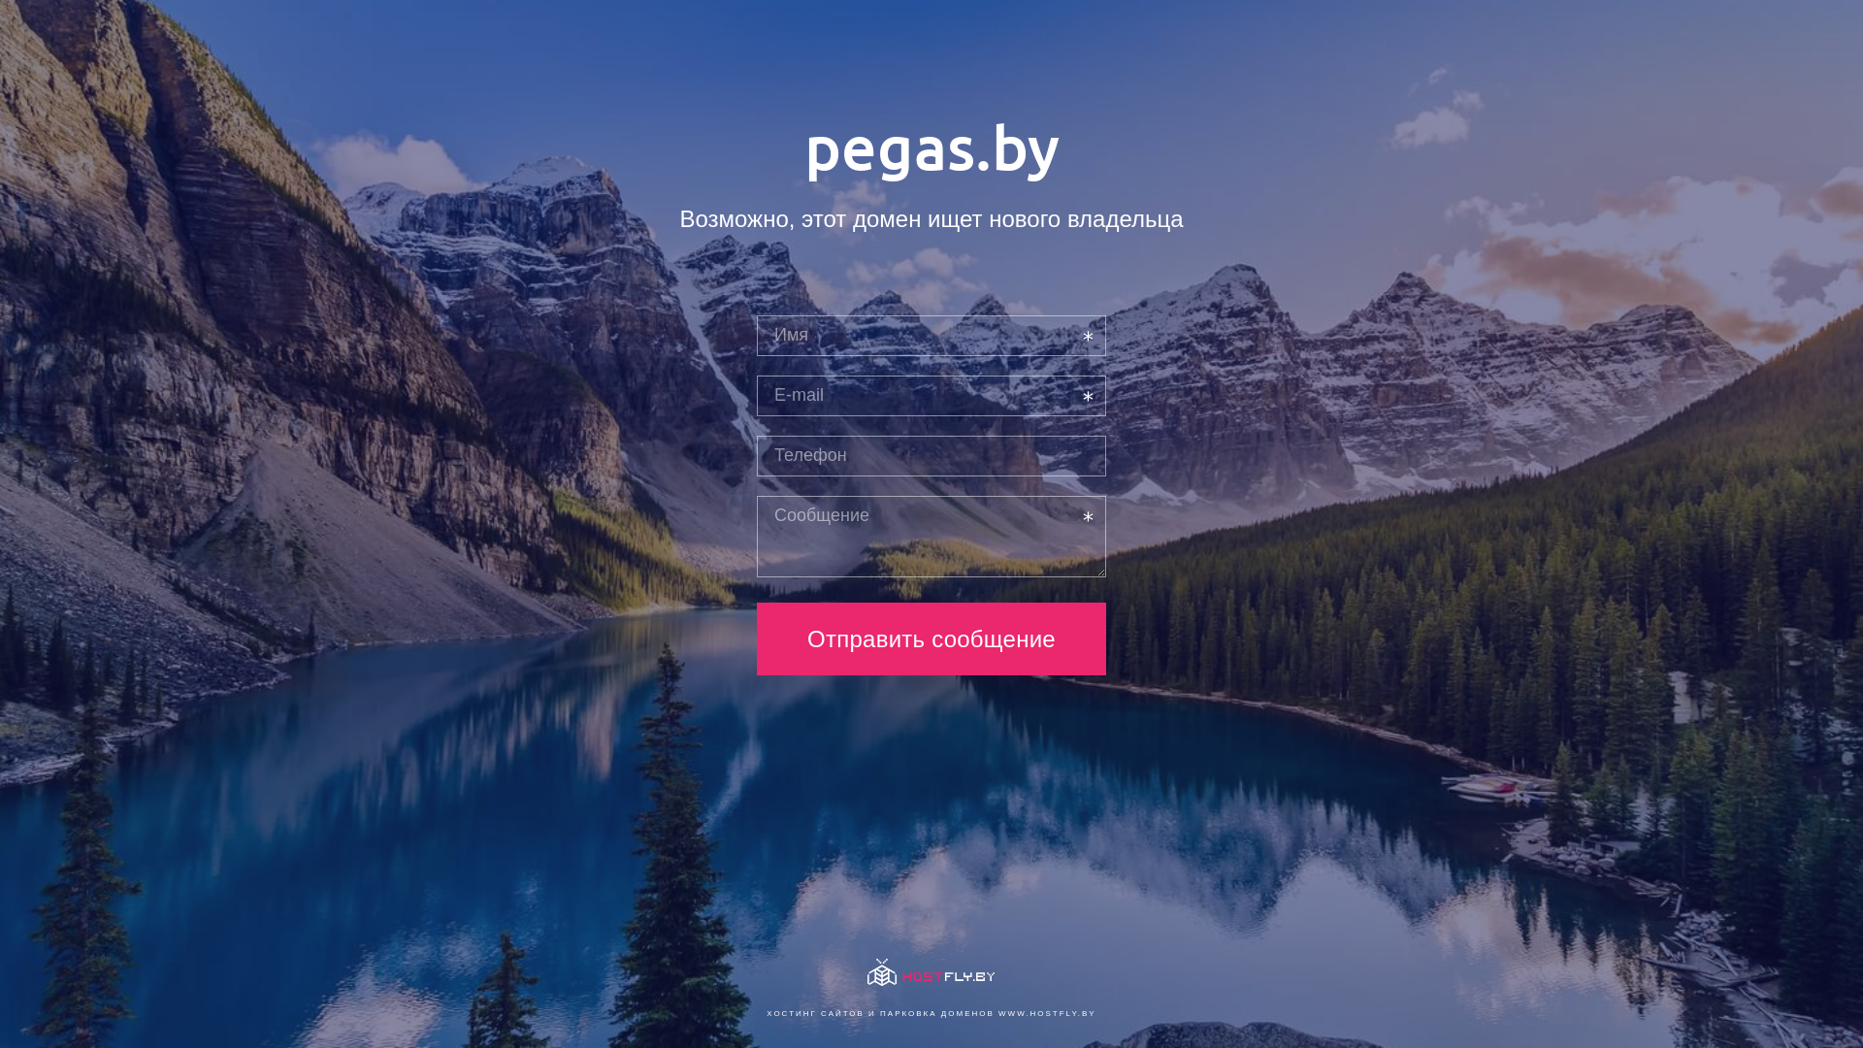 The width and height of the screenshot is (1863, 1048). I want to click on 'WWW.HOSTFLY.BY', so click(1046, 1012).